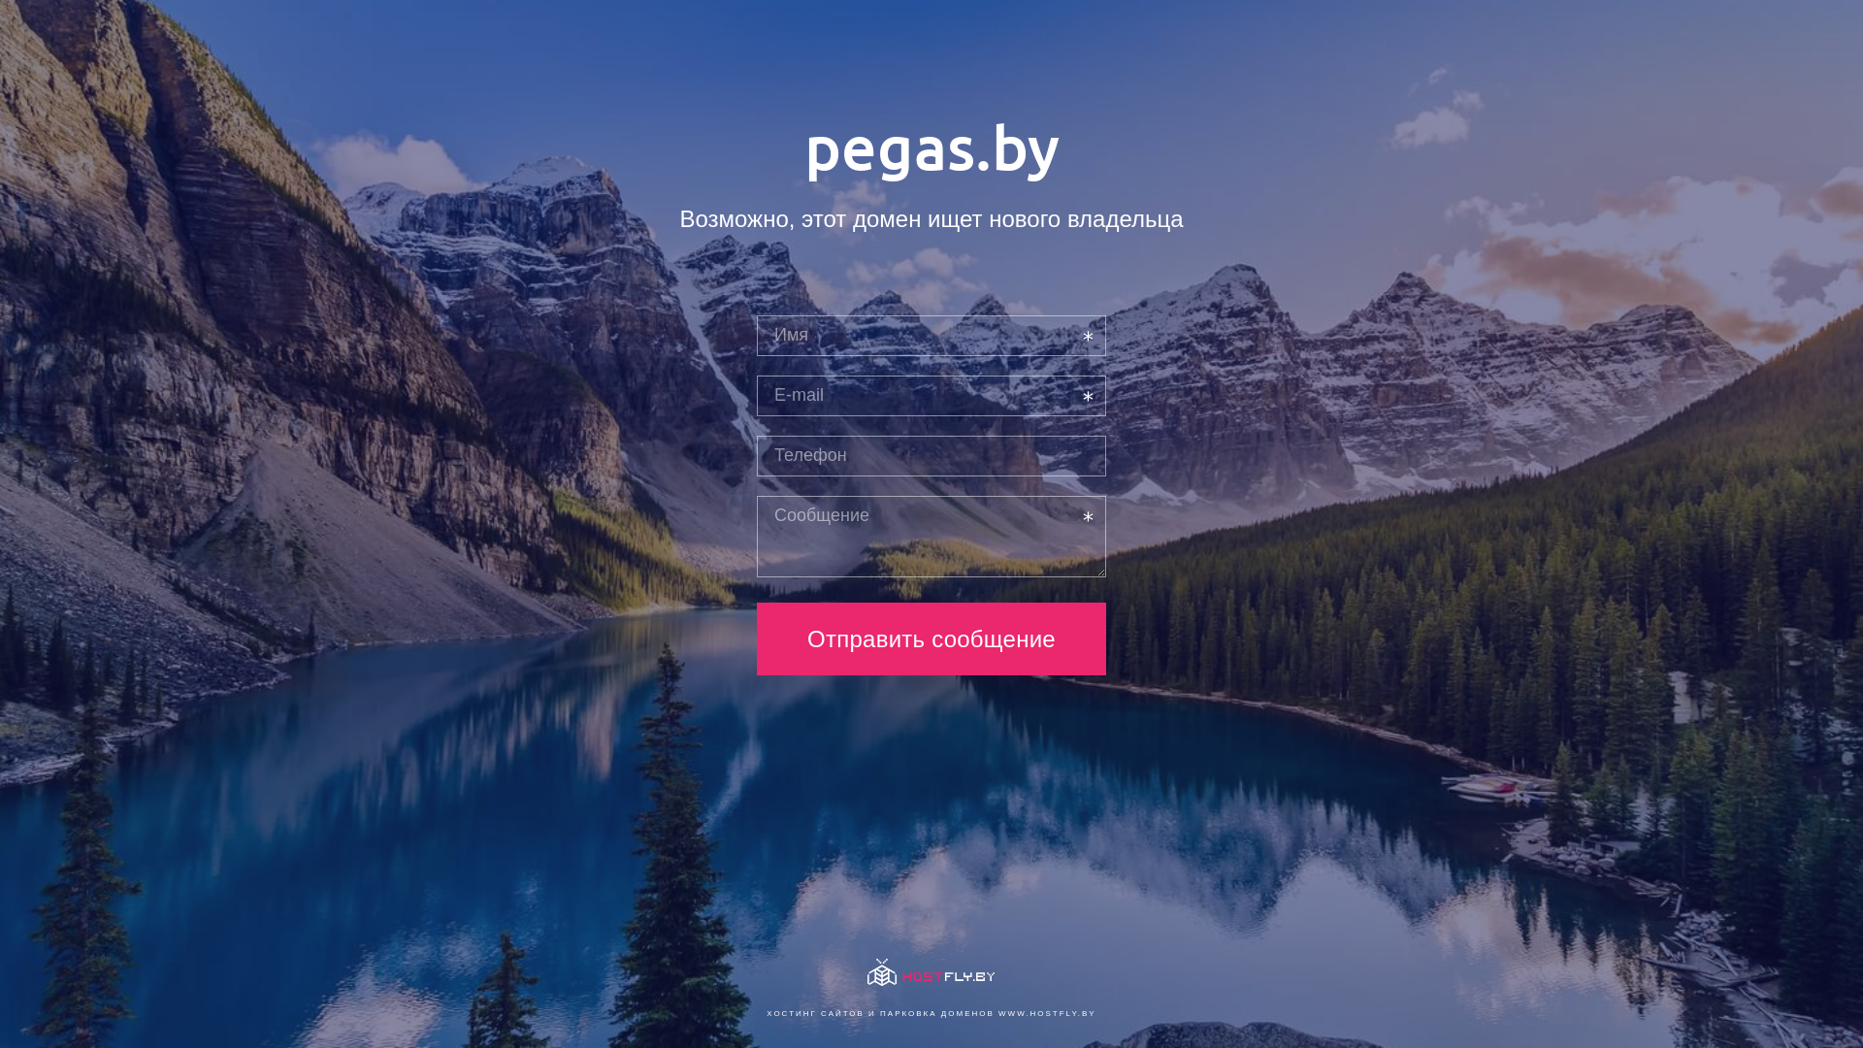 The width and height of the screenshot is (1863, 1048). I want to click on 'WWW.HOSTFLY.BY', so click(1046, 1012).